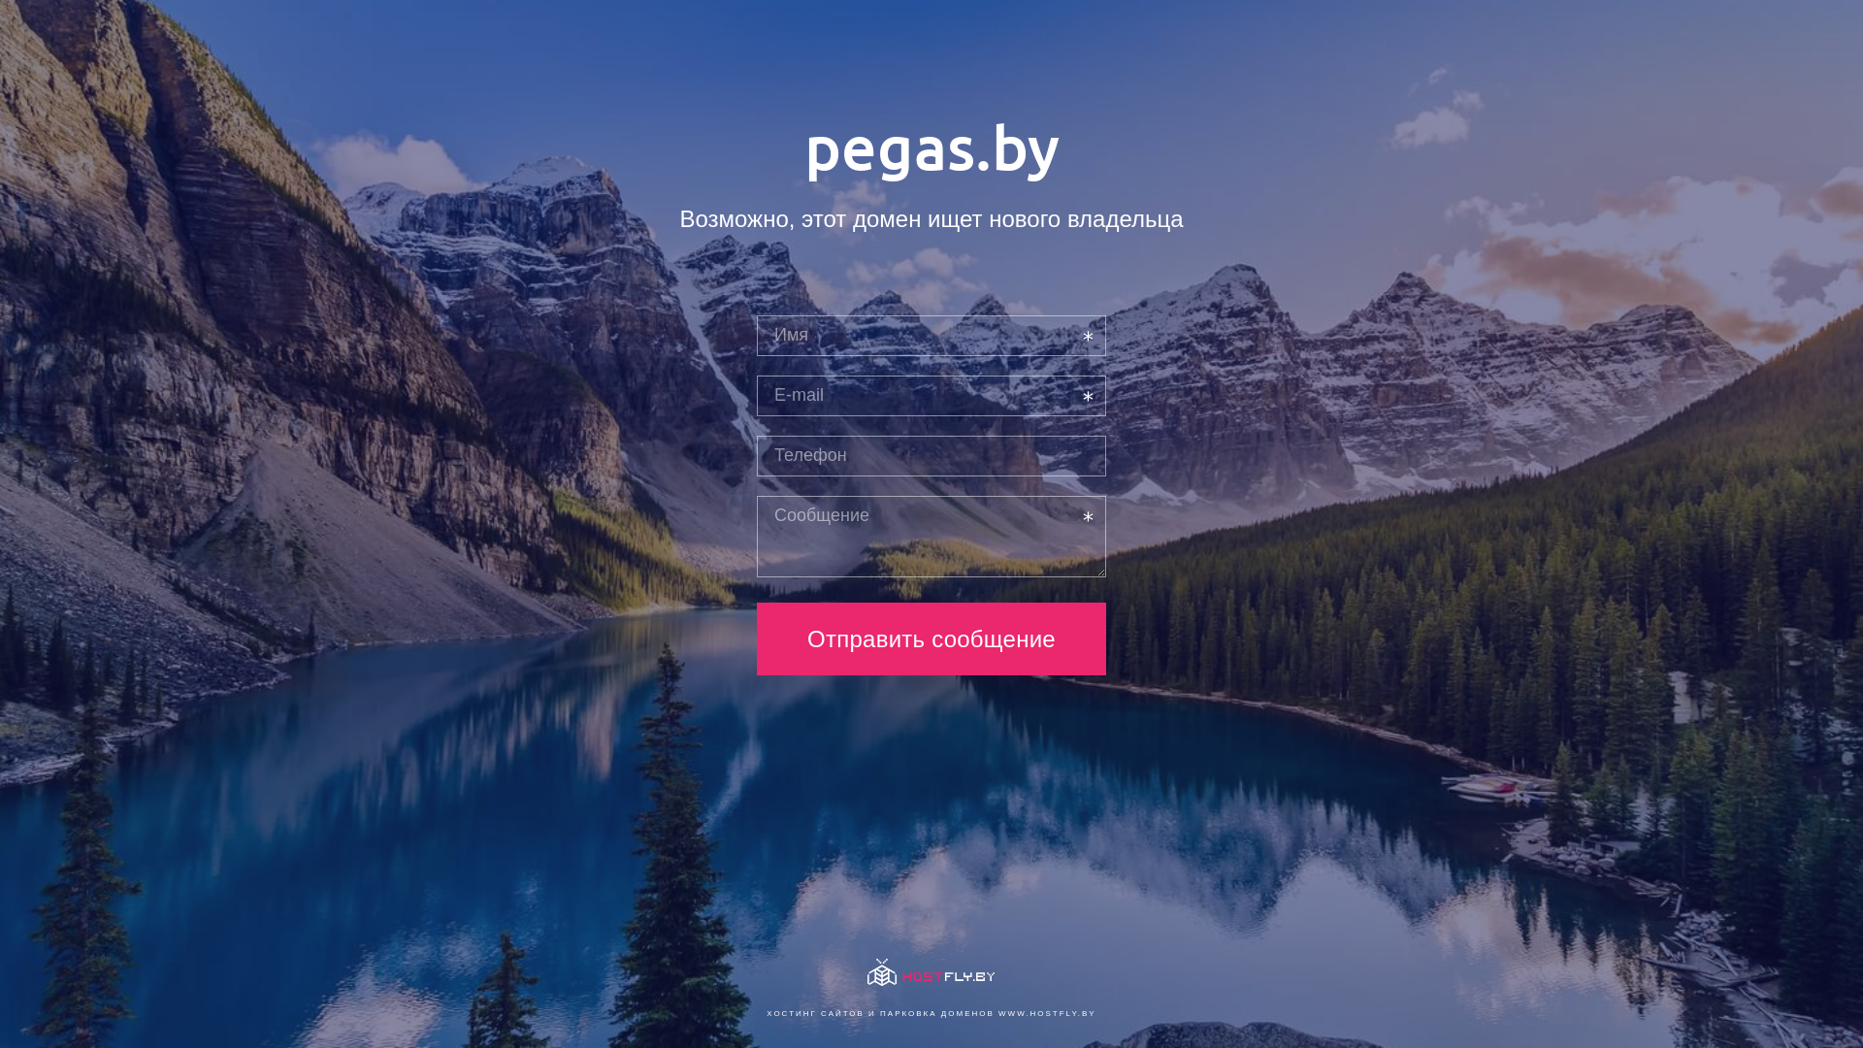 The width and height of the screenshot is (1863, 1048). I want to click on 'WWW.HOSTFLY.BY', so click(1046, 1012).